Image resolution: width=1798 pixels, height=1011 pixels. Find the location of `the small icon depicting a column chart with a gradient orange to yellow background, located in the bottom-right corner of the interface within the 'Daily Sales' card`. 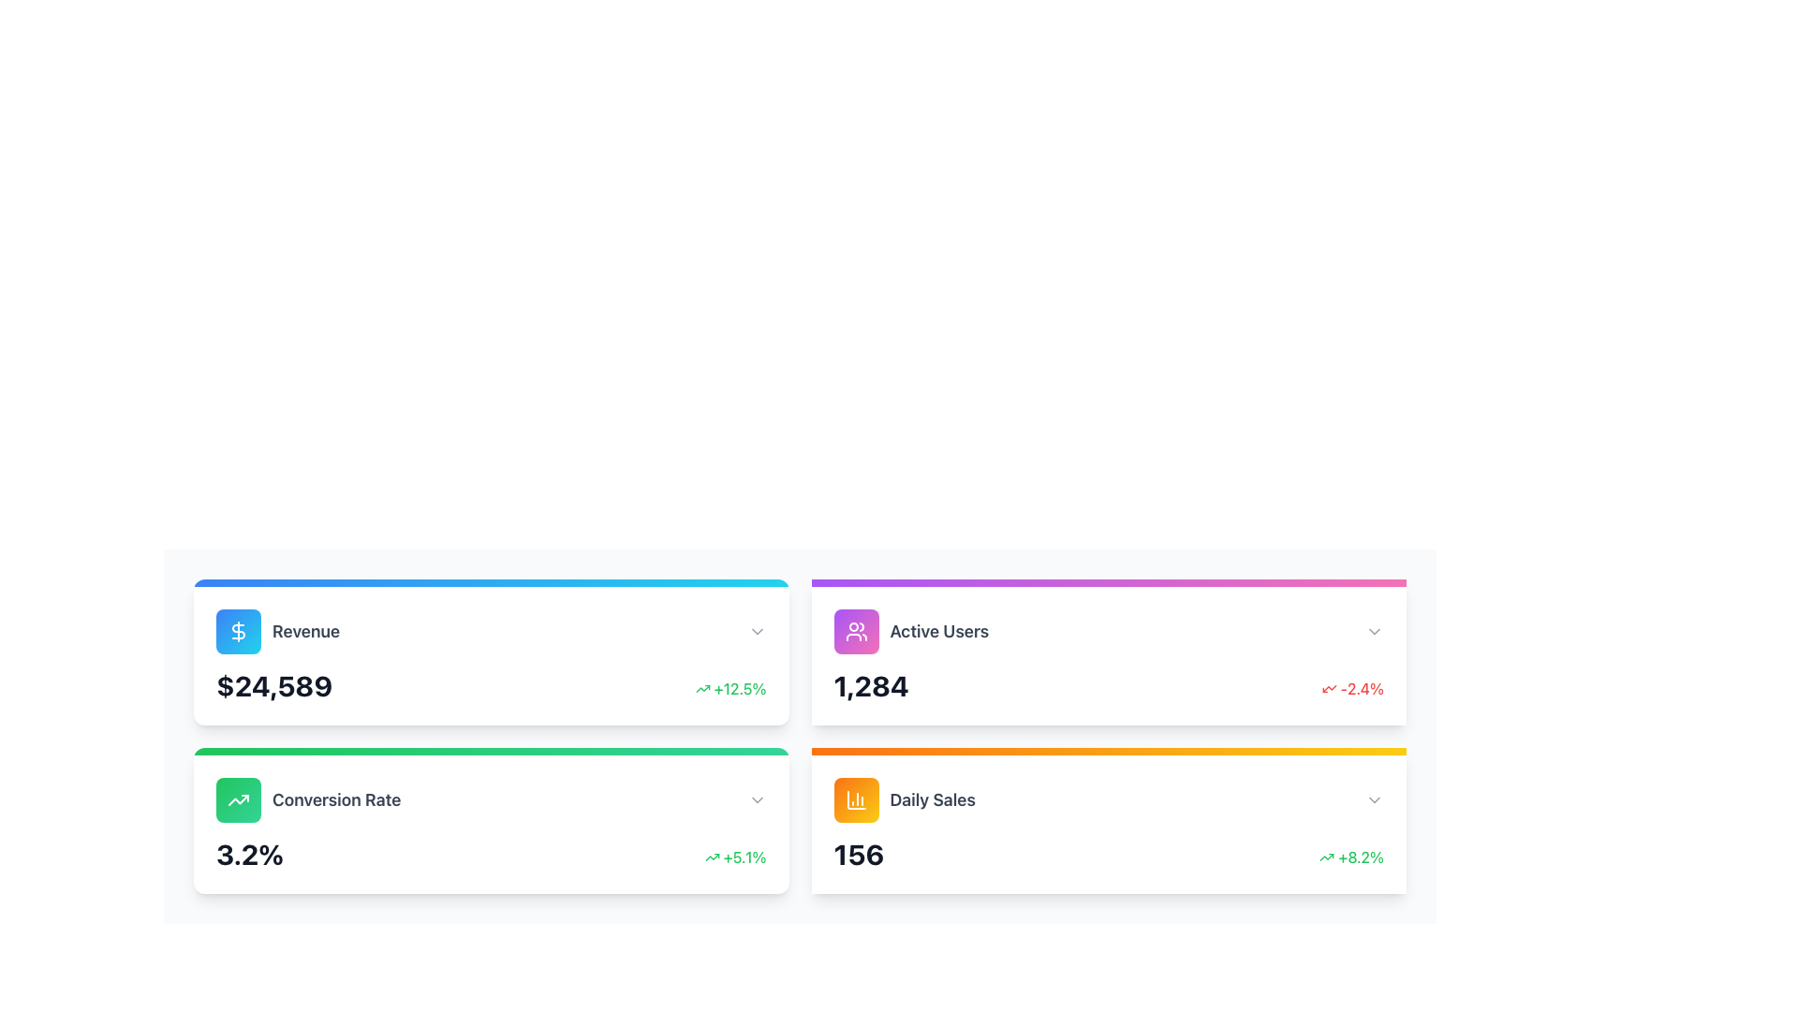

the small icon depicting a column chart with a gradient orange to yellow background, located in the bottom-right corner of the interface within the 'Daily Sales' card is located at coordinates (855, 800).